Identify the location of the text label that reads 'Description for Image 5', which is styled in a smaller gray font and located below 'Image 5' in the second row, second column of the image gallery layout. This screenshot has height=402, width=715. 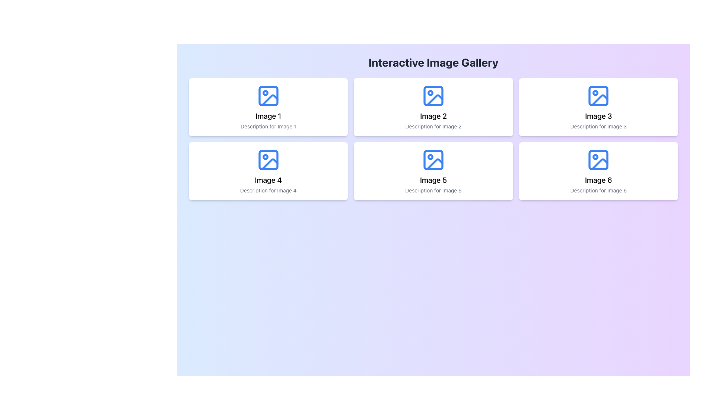
(433, 190).